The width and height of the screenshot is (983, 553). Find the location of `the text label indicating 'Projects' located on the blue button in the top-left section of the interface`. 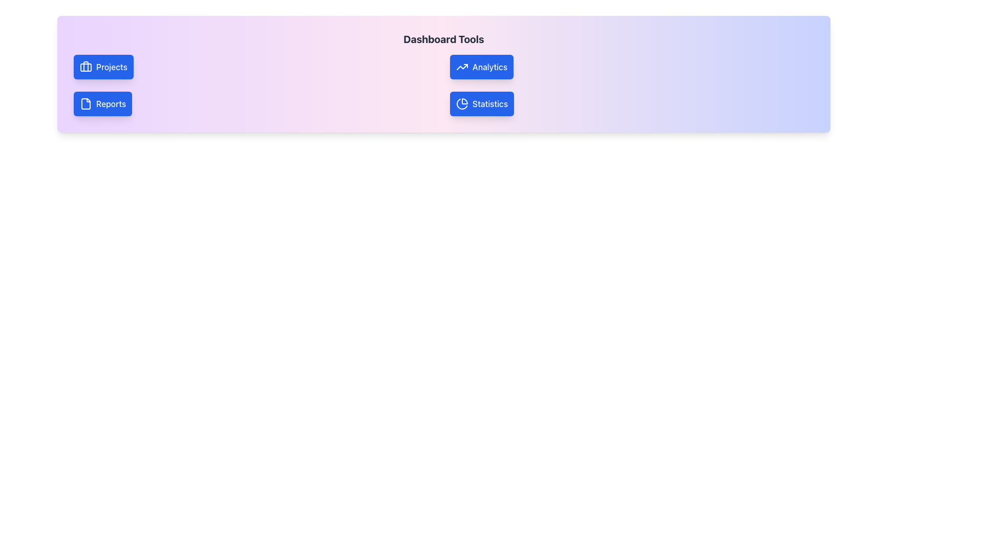

the text label indicating 'Projects' located on the blue button in the top-left section of the interface is located at coordinates (112, 67).